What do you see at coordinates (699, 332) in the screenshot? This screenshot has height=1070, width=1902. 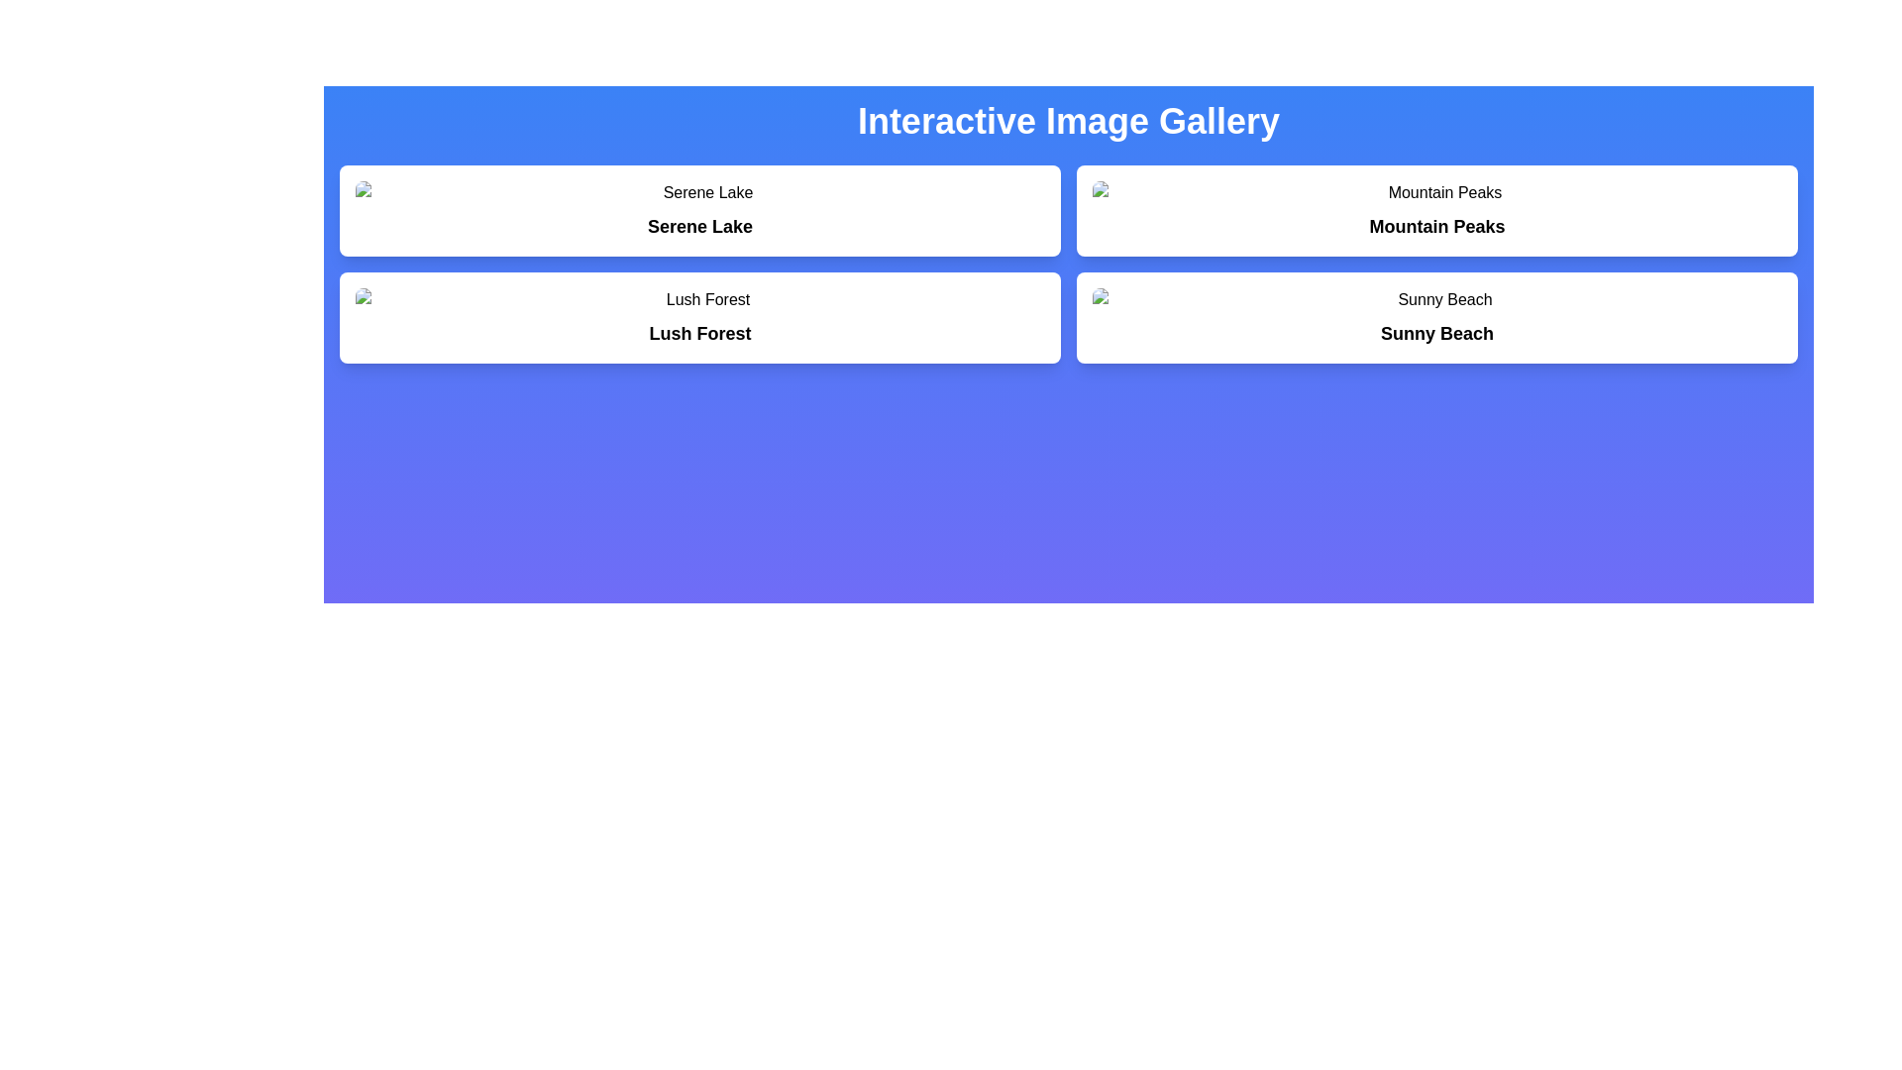 I see `text label styled as a heading or title that displays 'Lush Forest' in the second card of the gallery interface` at bounding box center [699, 332].